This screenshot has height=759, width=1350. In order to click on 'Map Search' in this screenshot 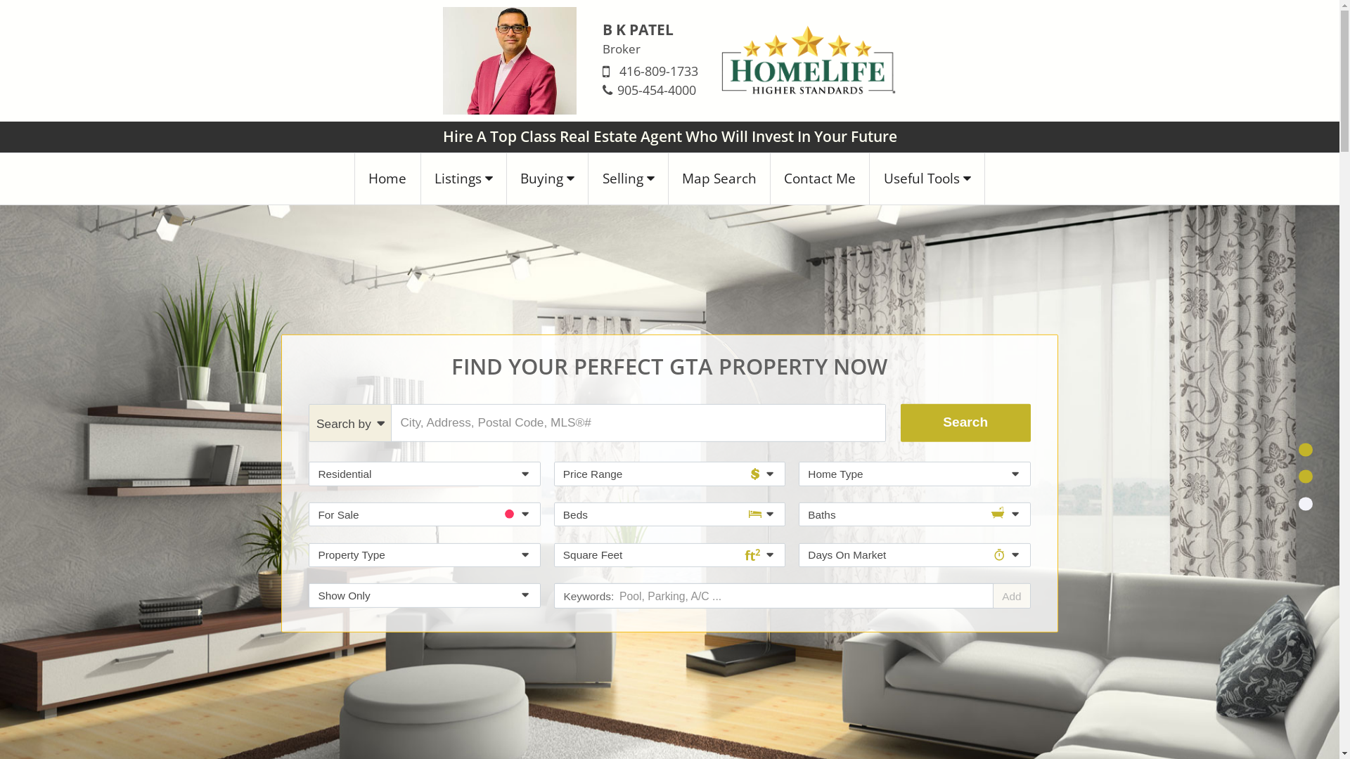, I will do `click(719, 178)`.